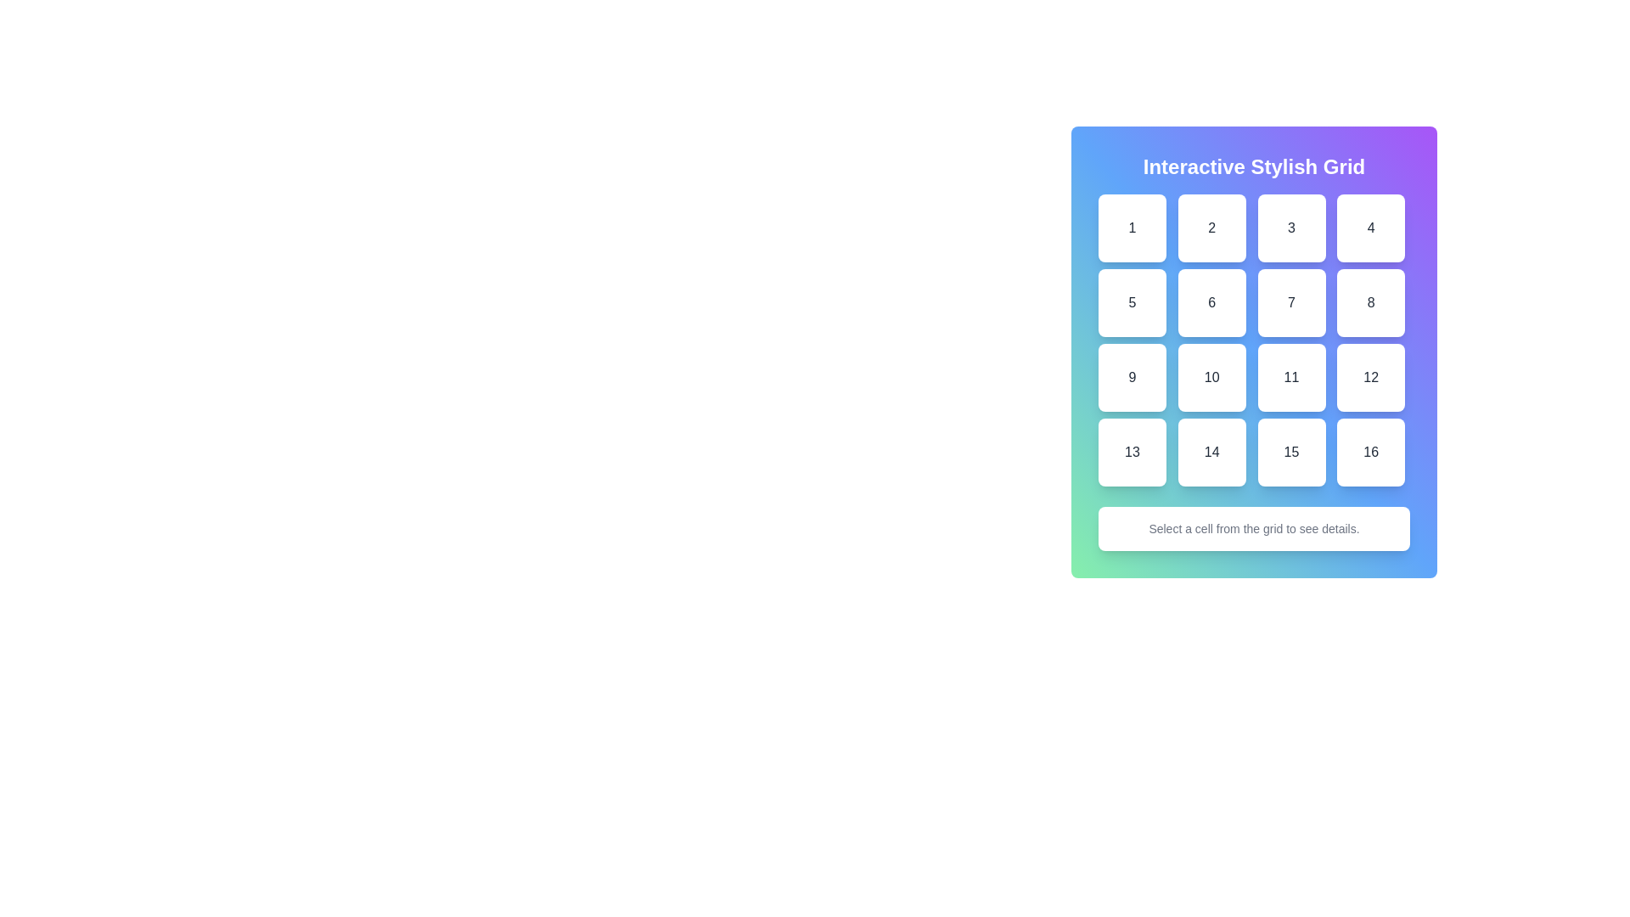  What do you see at coordinates (1254, 340) in the screenshot?
I see `a cell within the Interactive grid layout` at bounding box center [1254, 340].